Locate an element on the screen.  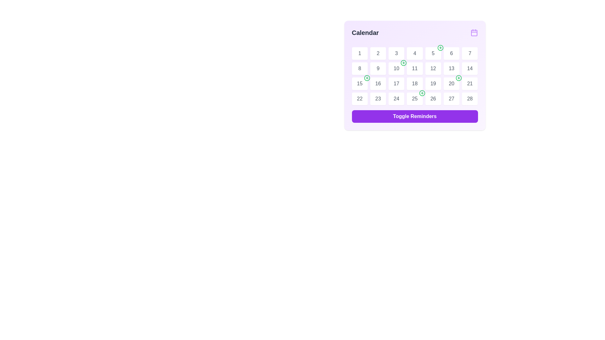
the Calendar grid is located at coordinates (415, 75).